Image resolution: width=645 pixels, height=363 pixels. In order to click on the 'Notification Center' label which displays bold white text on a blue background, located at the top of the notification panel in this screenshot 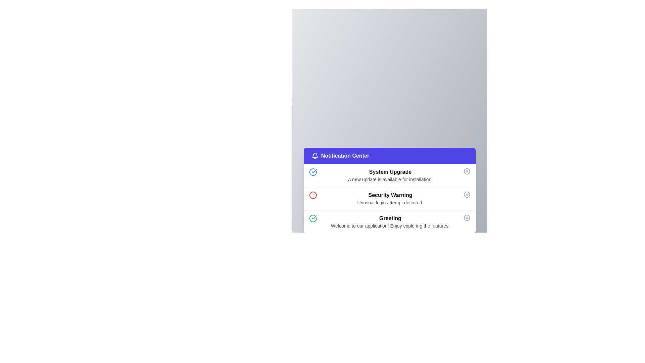, I will do `click(345, 156)`.